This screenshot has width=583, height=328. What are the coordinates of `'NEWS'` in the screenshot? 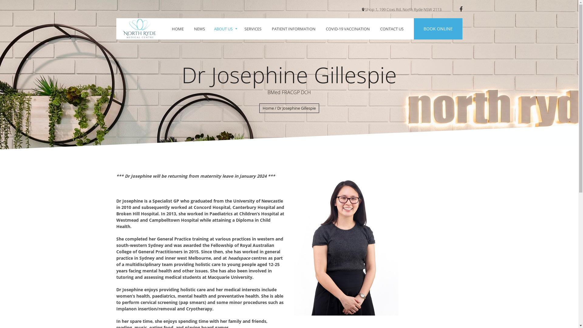 It's located at (199, 29).